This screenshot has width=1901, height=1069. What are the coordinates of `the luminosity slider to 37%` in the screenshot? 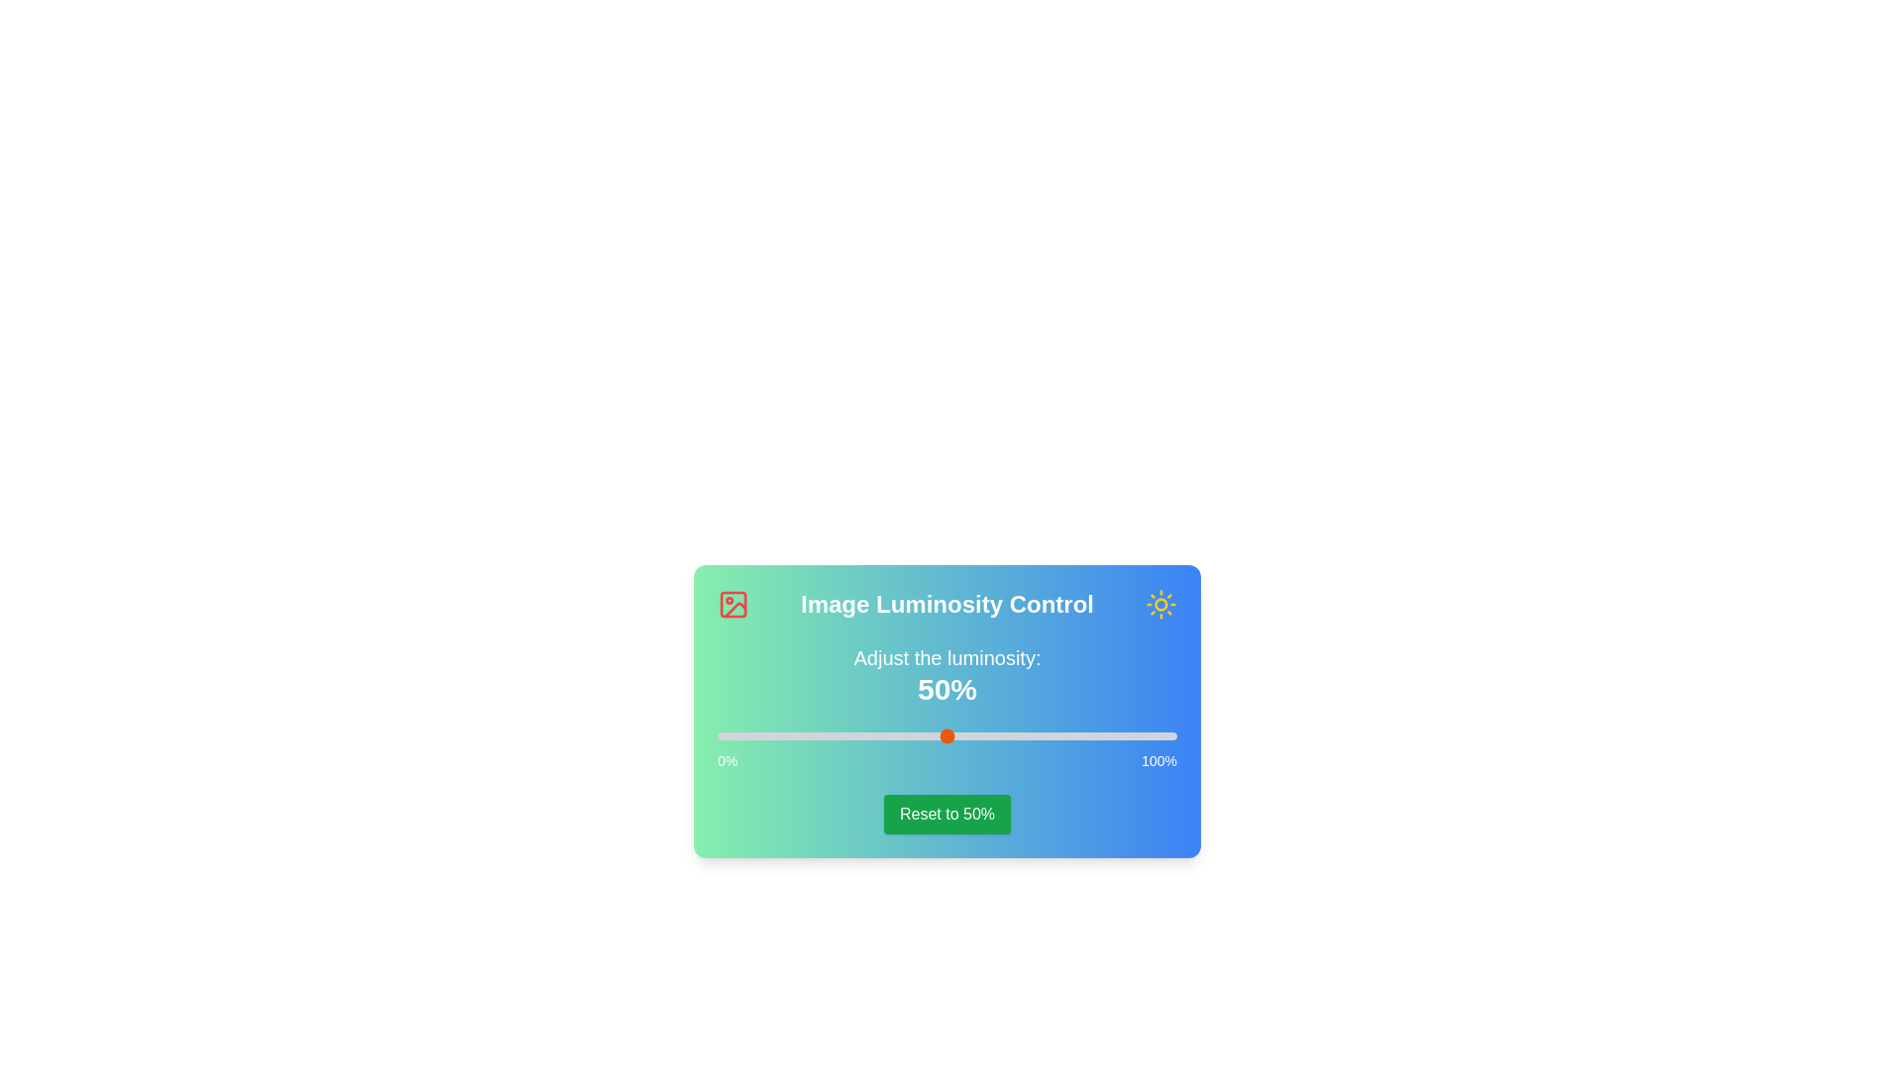 It's located at (886, 736).